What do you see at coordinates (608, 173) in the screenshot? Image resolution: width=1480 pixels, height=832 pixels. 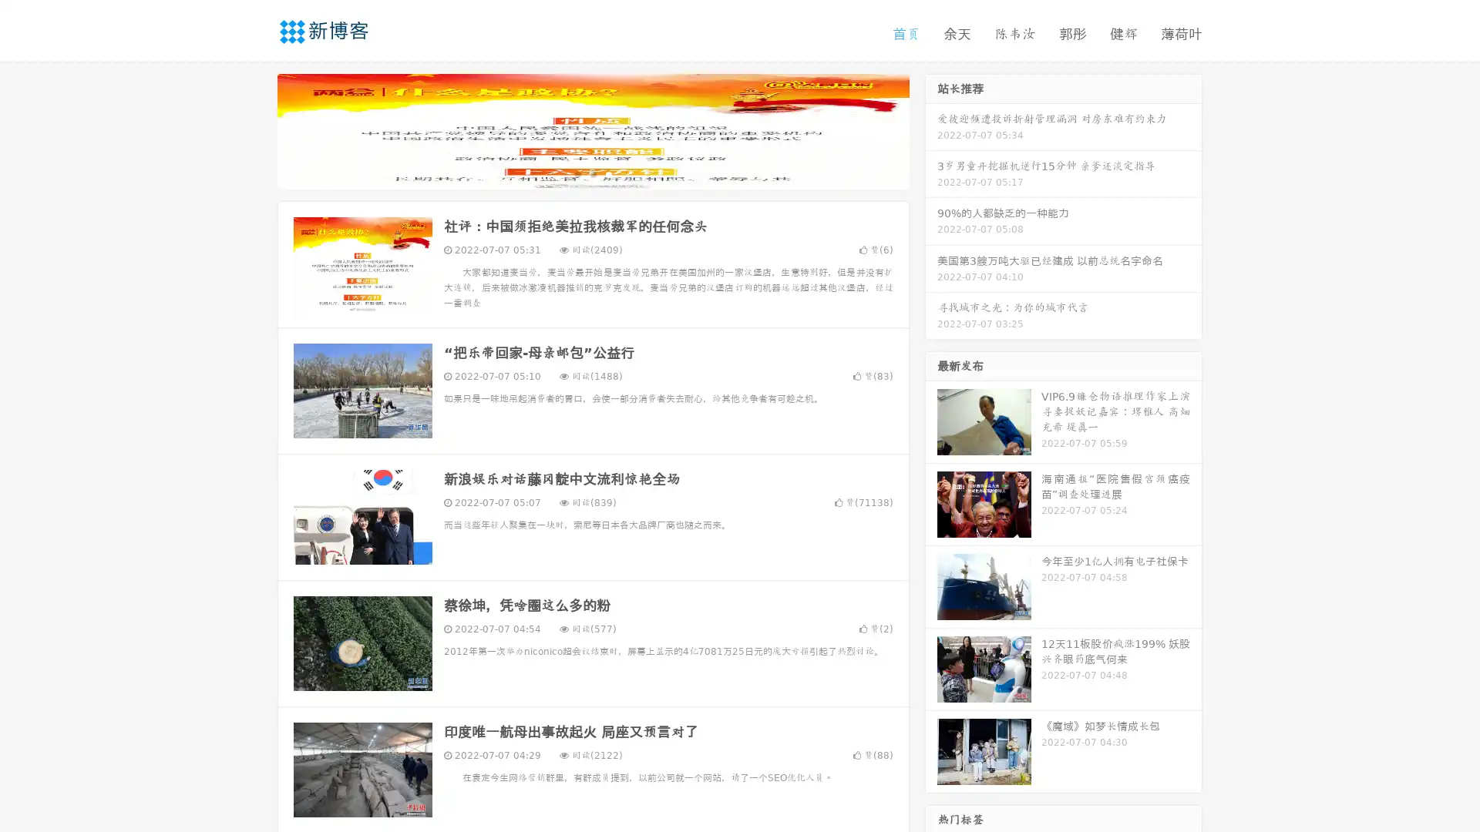 I see `Go to slide 3` at bounding box center [608, 173].